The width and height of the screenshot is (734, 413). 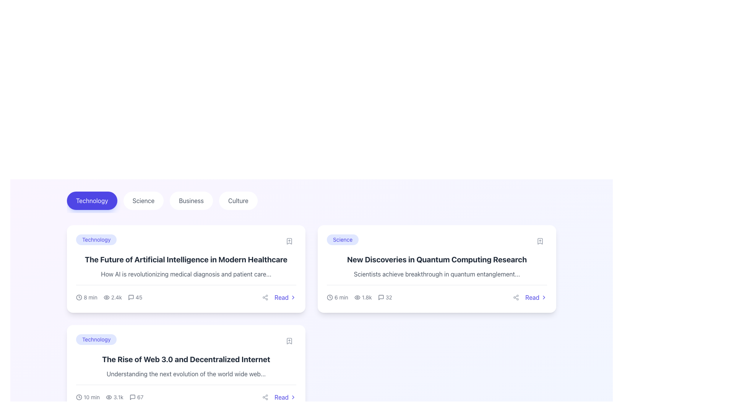 I want to click on the button or hyperlink at the bottom right corner of the 'New Discoveries in Quantum Computing Research' card, so click(x=528, y=297).